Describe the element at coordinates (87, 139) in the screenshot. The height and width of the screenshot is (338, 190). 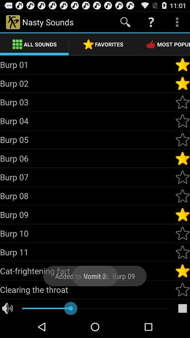
I see `the burp 05 item` at that location.